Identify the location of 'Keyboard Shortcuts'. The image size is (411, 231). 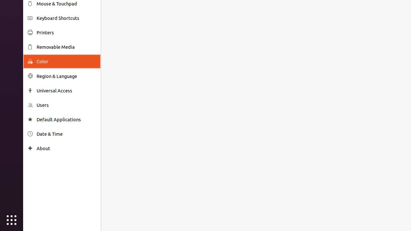
(66, 18).